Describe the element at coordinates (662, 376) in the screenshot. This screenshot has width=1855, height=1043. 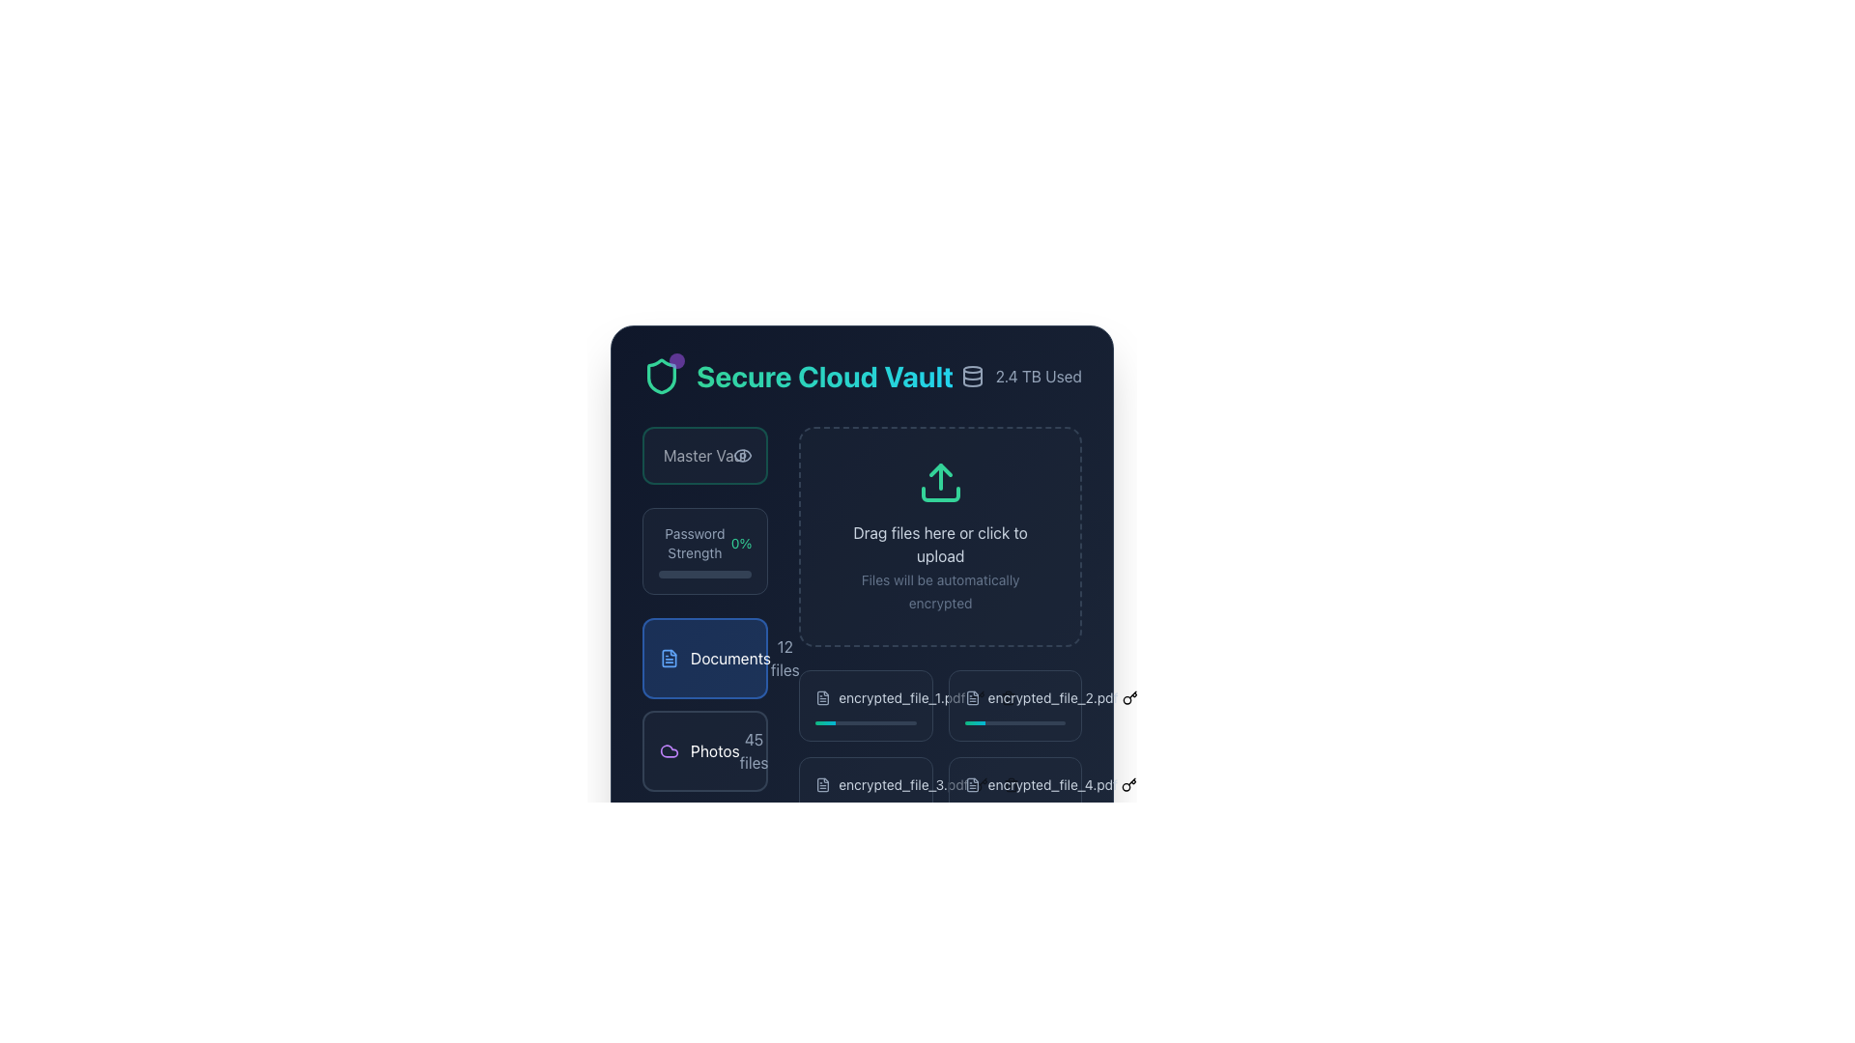
I see `the security icon located to the left of the 'Secure Cloud Vault' title text and adjacent to the purple dot` at that location.